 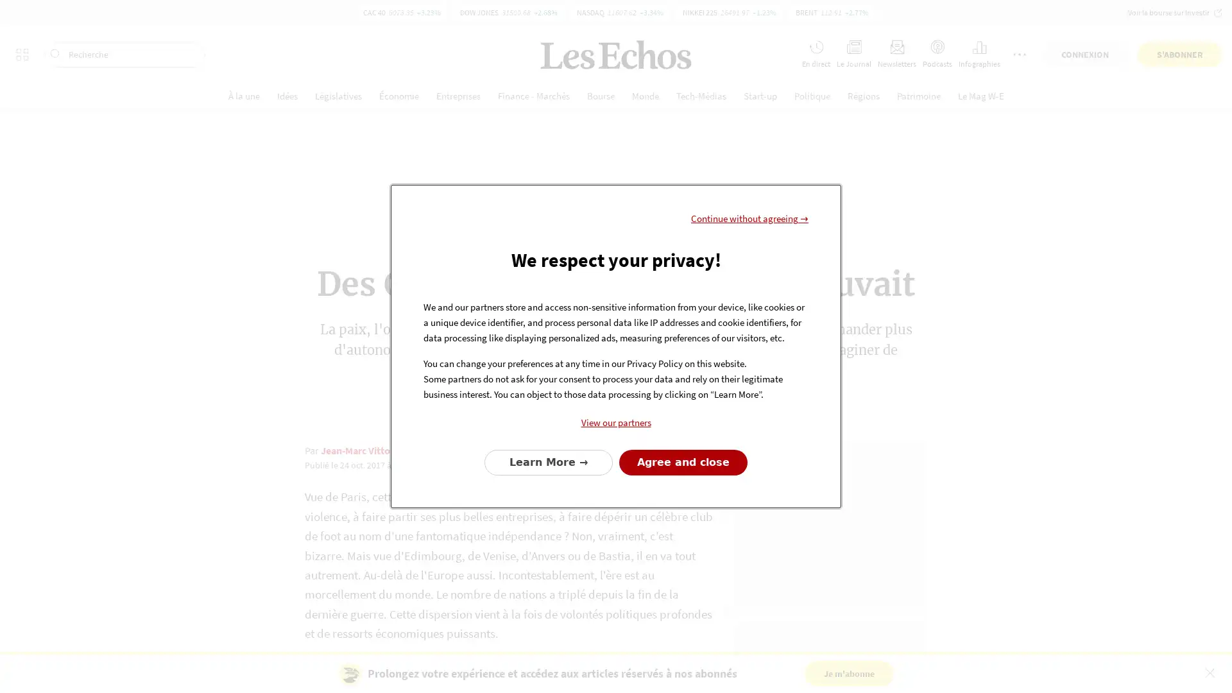 What do you see at coordinates (548, 462) in the screenshot?
I see `Configure your consents` at bounding box center [548, 462].